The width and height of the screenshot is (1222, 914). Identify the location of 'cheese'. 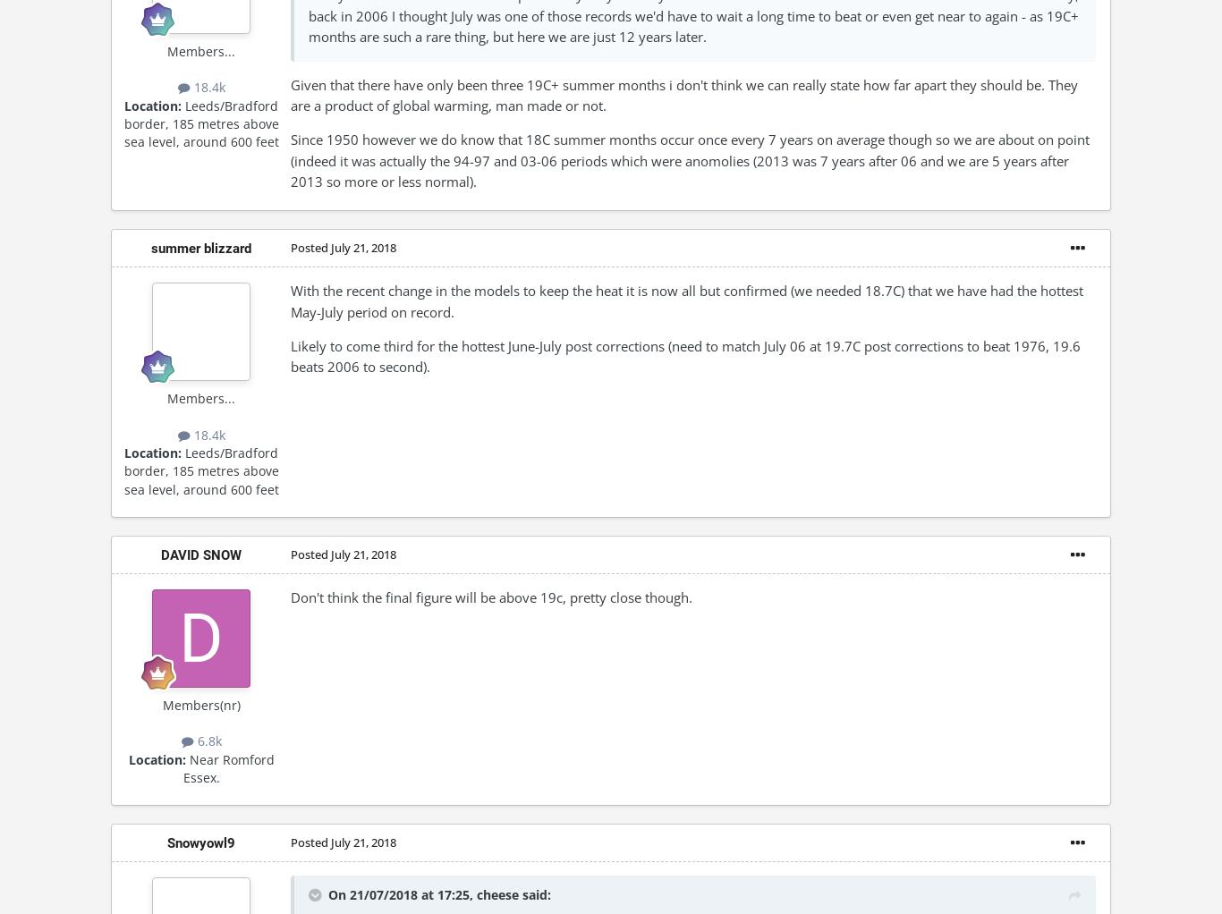
(477, 895).